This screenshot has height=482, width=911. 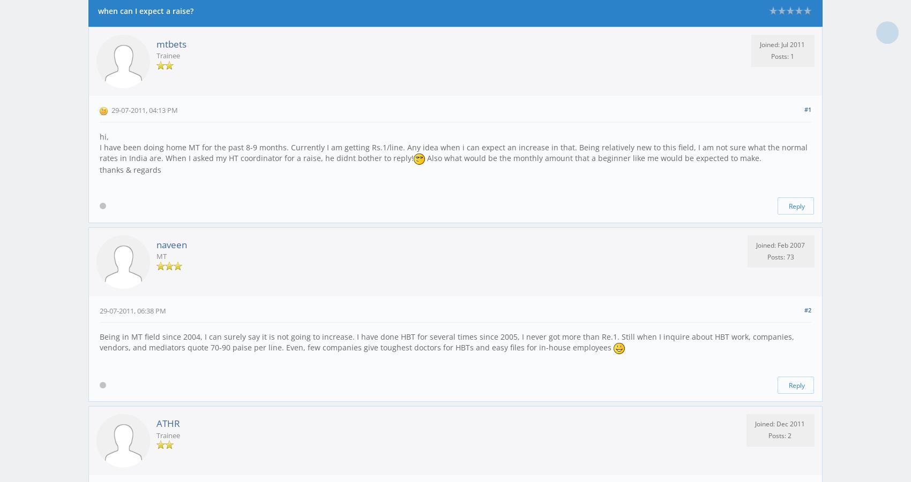 I want to click on '#2', so click(x=808, y=309).